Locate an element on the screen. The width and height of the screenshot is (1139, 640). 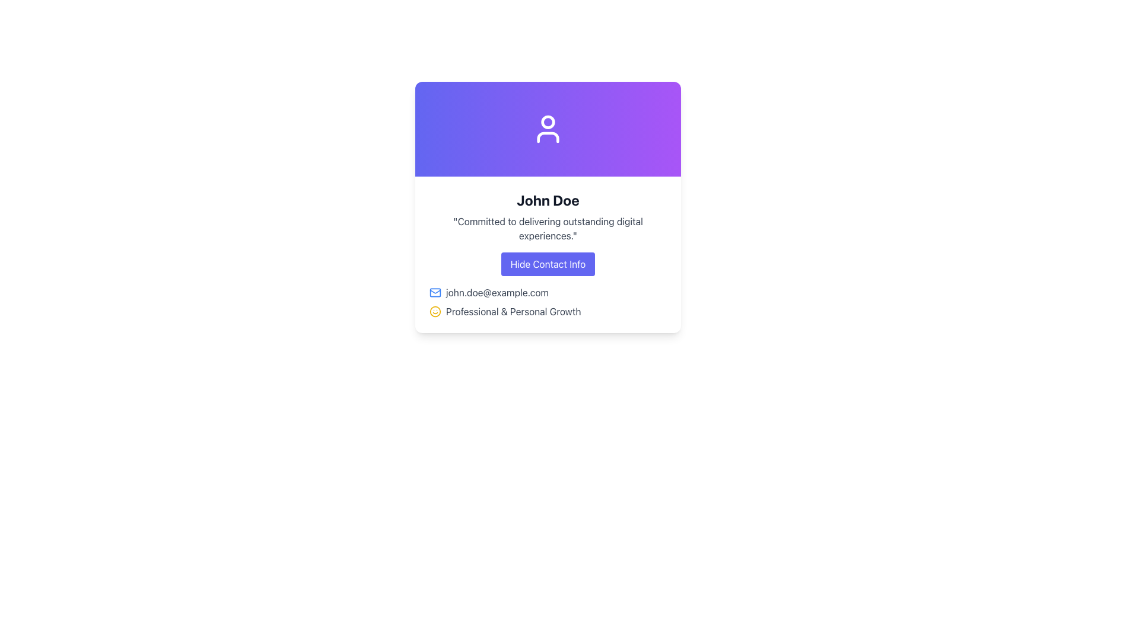
the decorative Icon component, which is a circle of SVG forming part of a smiley face illustration in the upper-left portion of the interface card is located at coordinates (435, 311).